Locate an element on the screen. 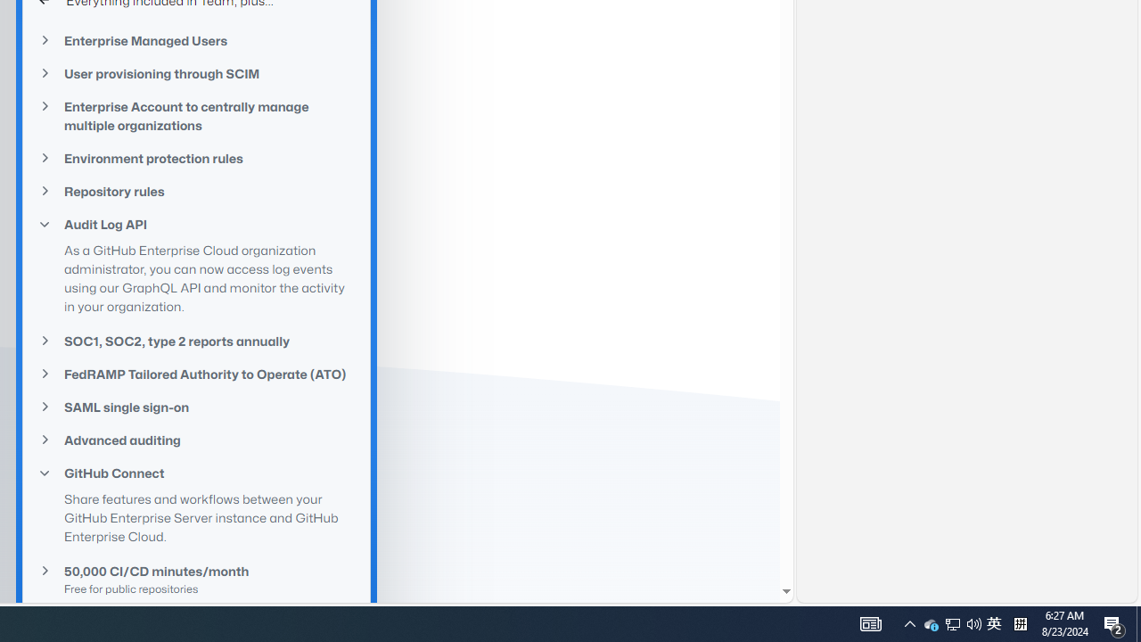 Image resolution: width=1141 pixels, height=642 pixels. 'FedRAMP Tailored Authority to Operate (ATO)' is located at coordinates (196, 374).